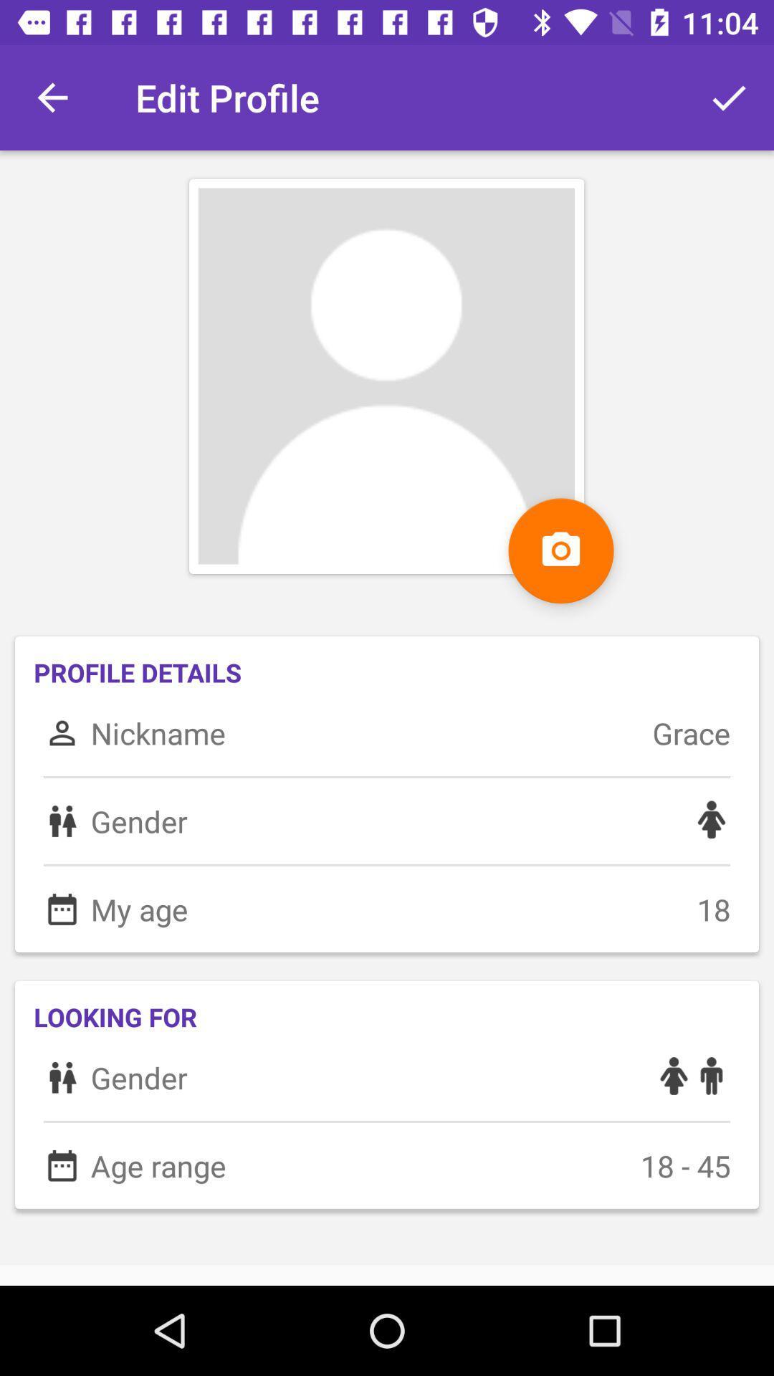  I want to click on item above profile details icon, so click(52, 97).